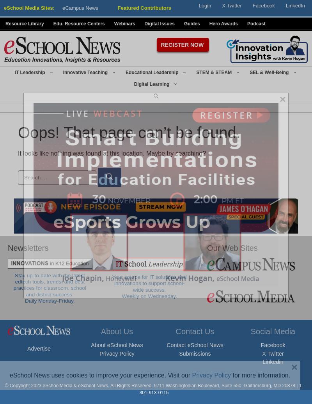 Image resolution: width=312 pixels, height=404 pixels. What do you see at coordinates (27, 348) in the screenshot?
I see `'Advertise'` at bounding box center [27, 348].